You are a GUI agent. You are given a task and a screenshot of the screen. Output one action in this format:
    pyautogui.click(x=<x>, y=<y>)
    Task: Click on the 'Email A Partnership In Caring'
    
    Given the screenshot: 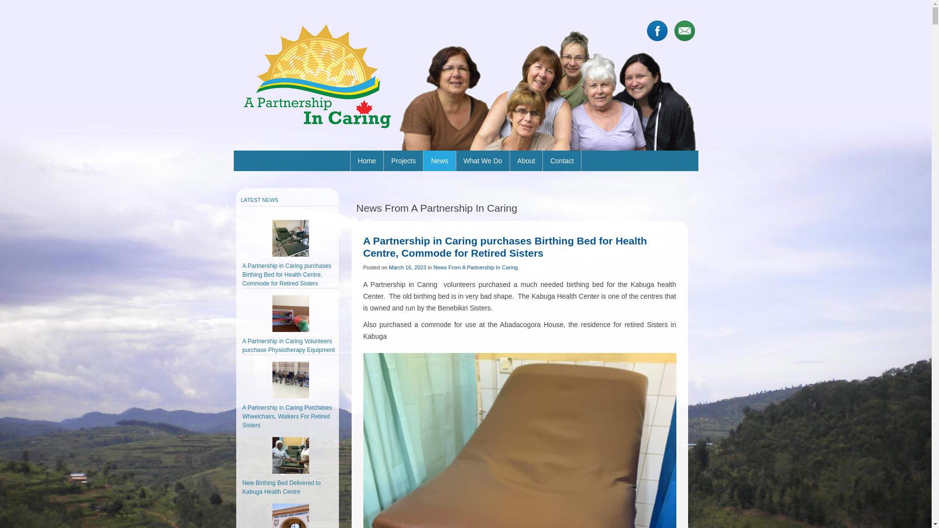 What is the action you would take?
    pyautogui.click(x=683, y=30)
    